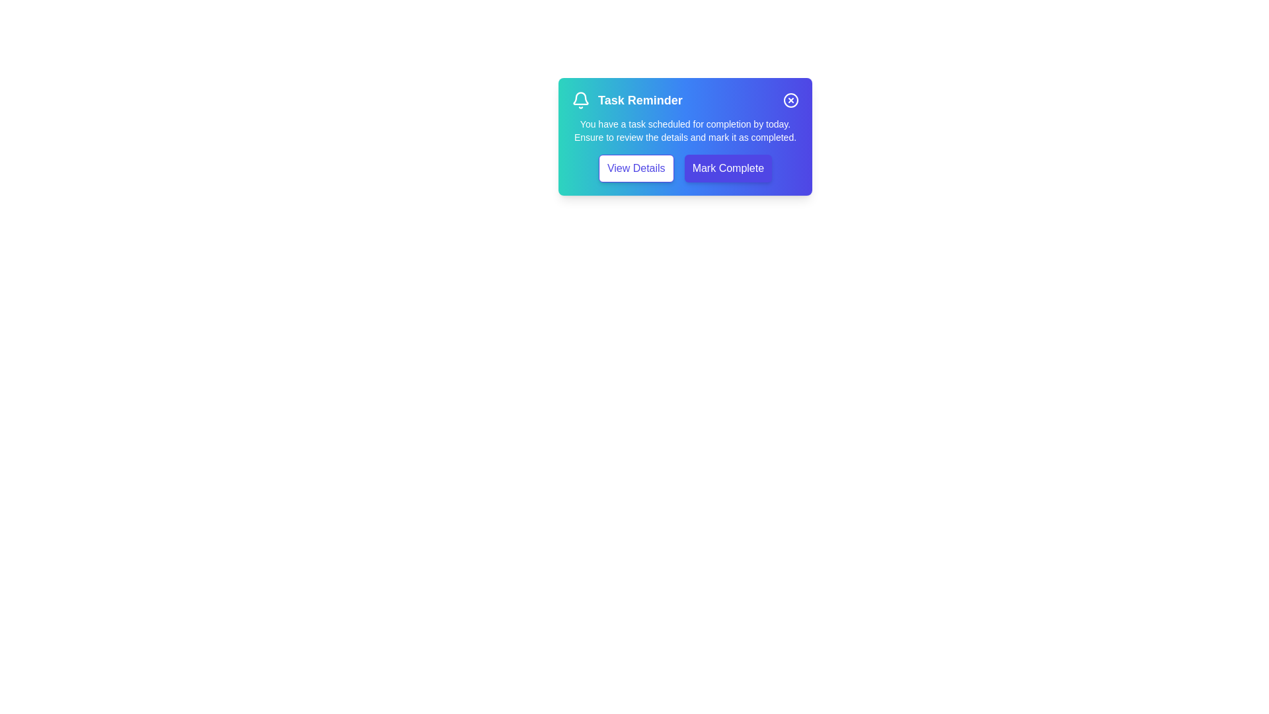 Image resolution: width=1269 pixels, height=714 pixels. What do you see at coordinates (636, 167) in the screenshot?
I see `the 'View Details' button to view the task details` at bounding box center [636, 167].